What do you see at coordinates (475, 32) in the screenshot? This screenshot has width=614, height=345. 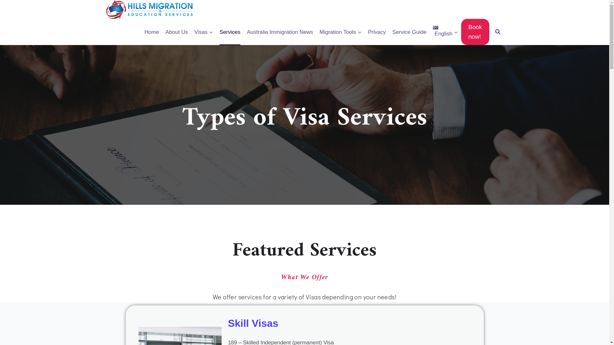 I see `'Book now!'` at bounding box center [475, 32].